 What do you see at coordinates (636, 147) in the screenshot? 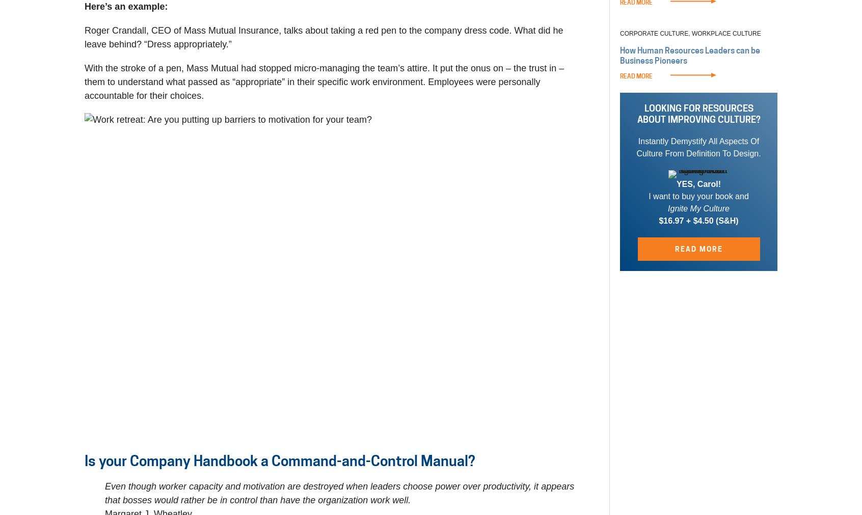
I see `'Instantly Demystify All Aspects Of Culture From Definition To Design.'` at bounding box center [636, 147].